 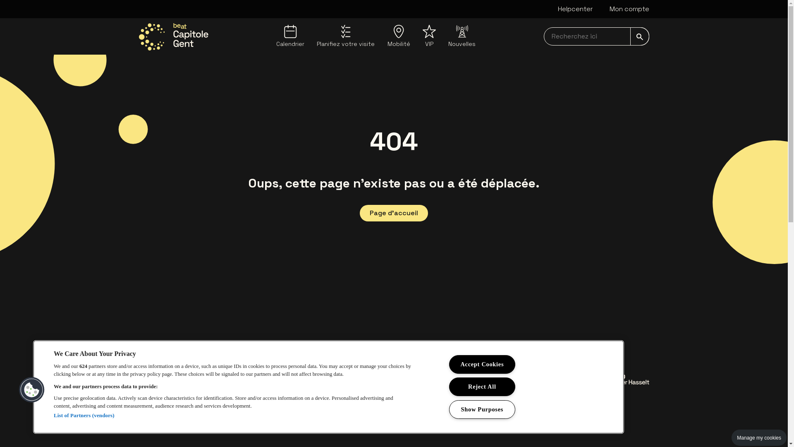 What do you see at coordinates (574, 9) in the screenshot?
I see `'Helpcenter'` at bounding box center [574, 9].